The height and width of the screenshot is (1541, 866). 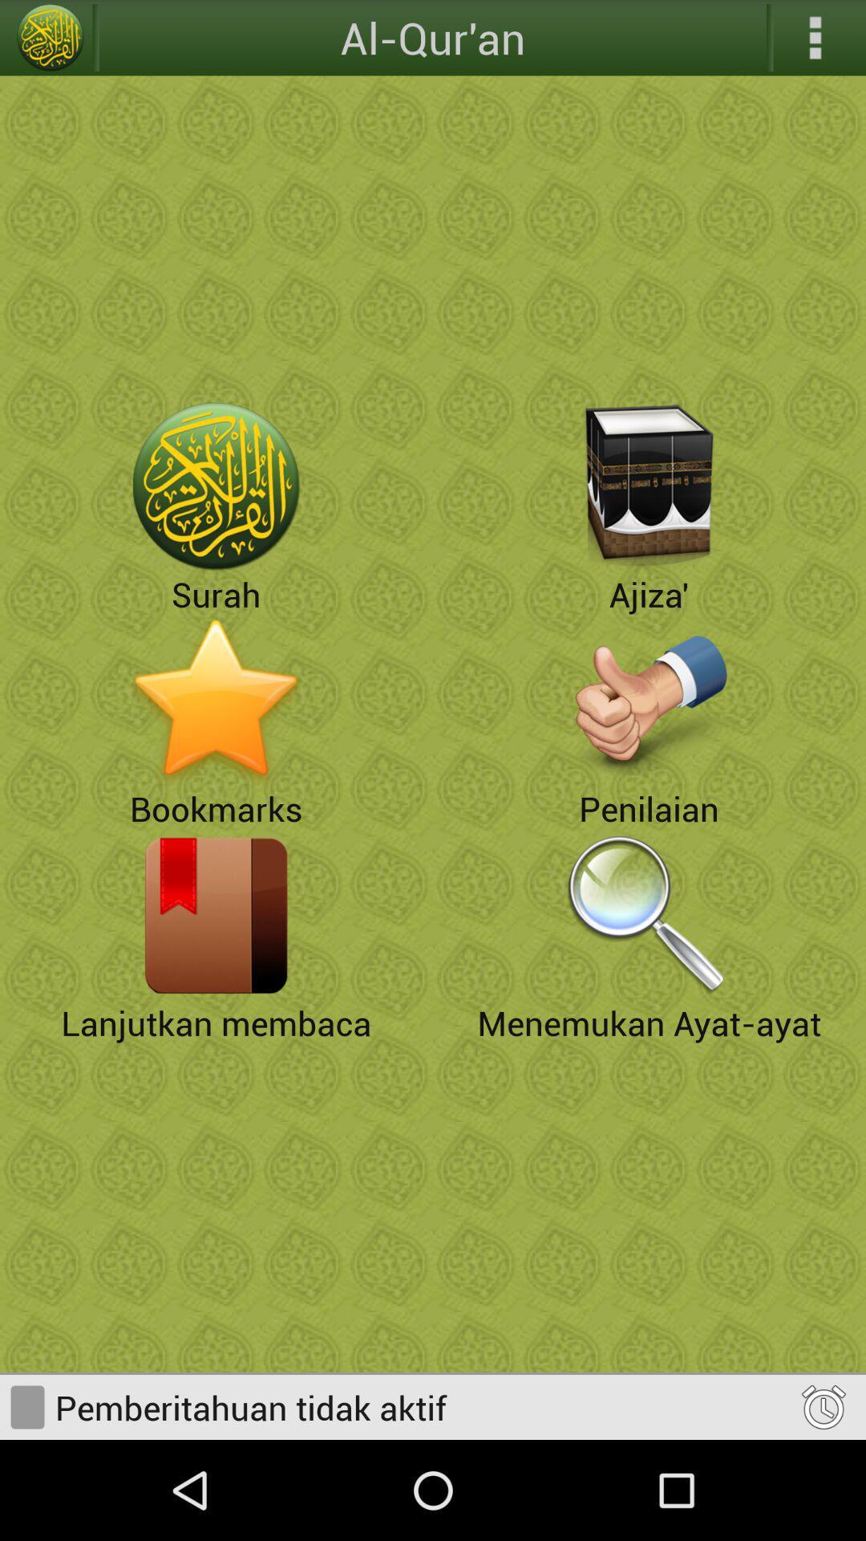 What do you see at coordinates (815, 40) in the screenshot?
I see `the more icon` at bounding box center [815, 40].